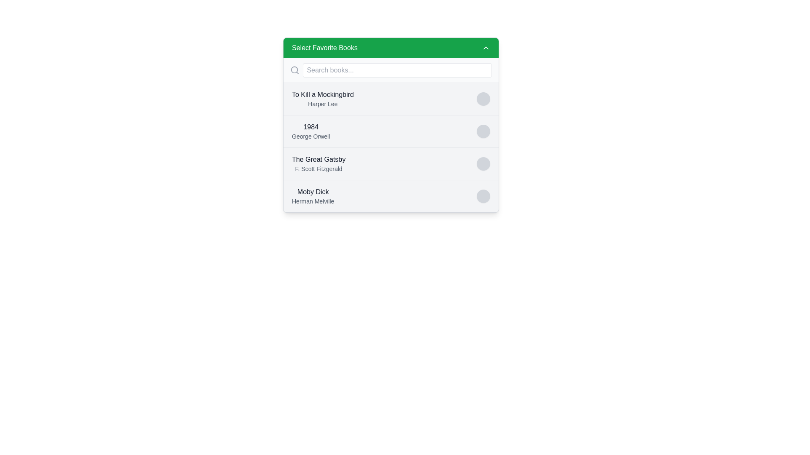 This screenshot has height=455, width=810. Describe the element at coordinates (313, 196) in the screenshot. I see `the label displaying the title 'Moby Dick' and author 'Herman Melville', which is the last item in the list of selectable items` at that location.